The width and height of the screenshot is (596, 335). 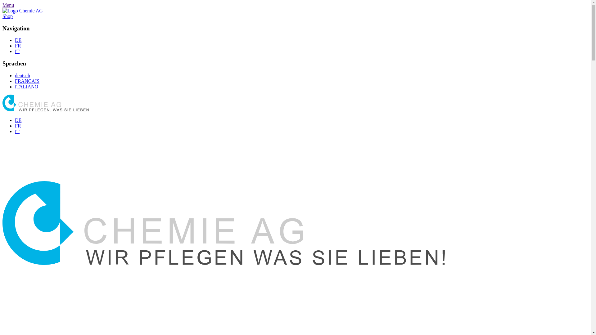 I want to click on 'FR', so click(x=15, y=126).